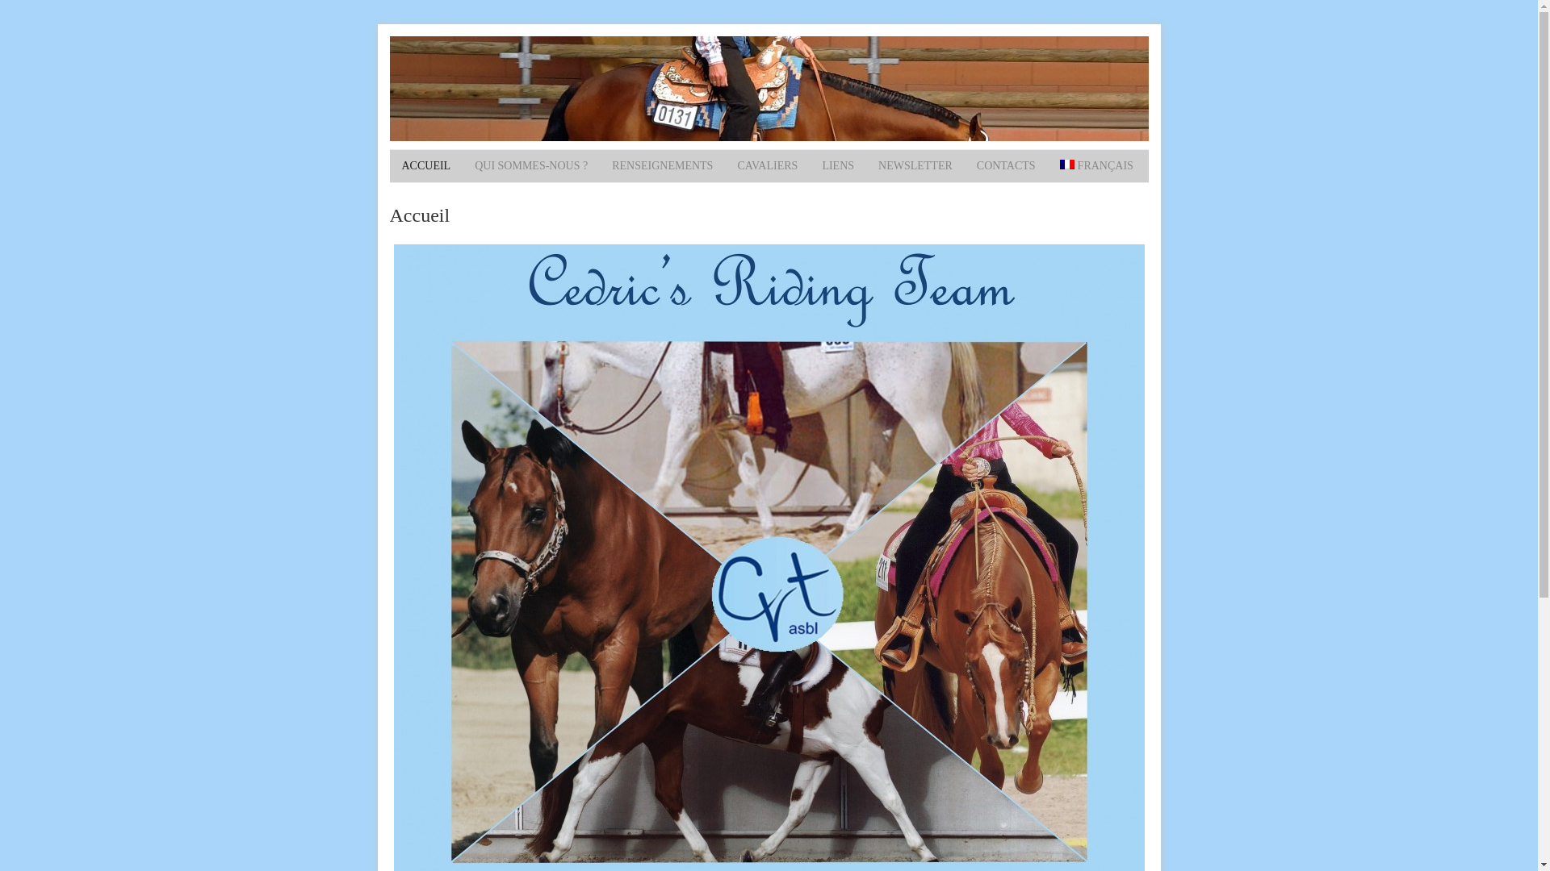  I want to click on 'LIENS', so click(837, 165).